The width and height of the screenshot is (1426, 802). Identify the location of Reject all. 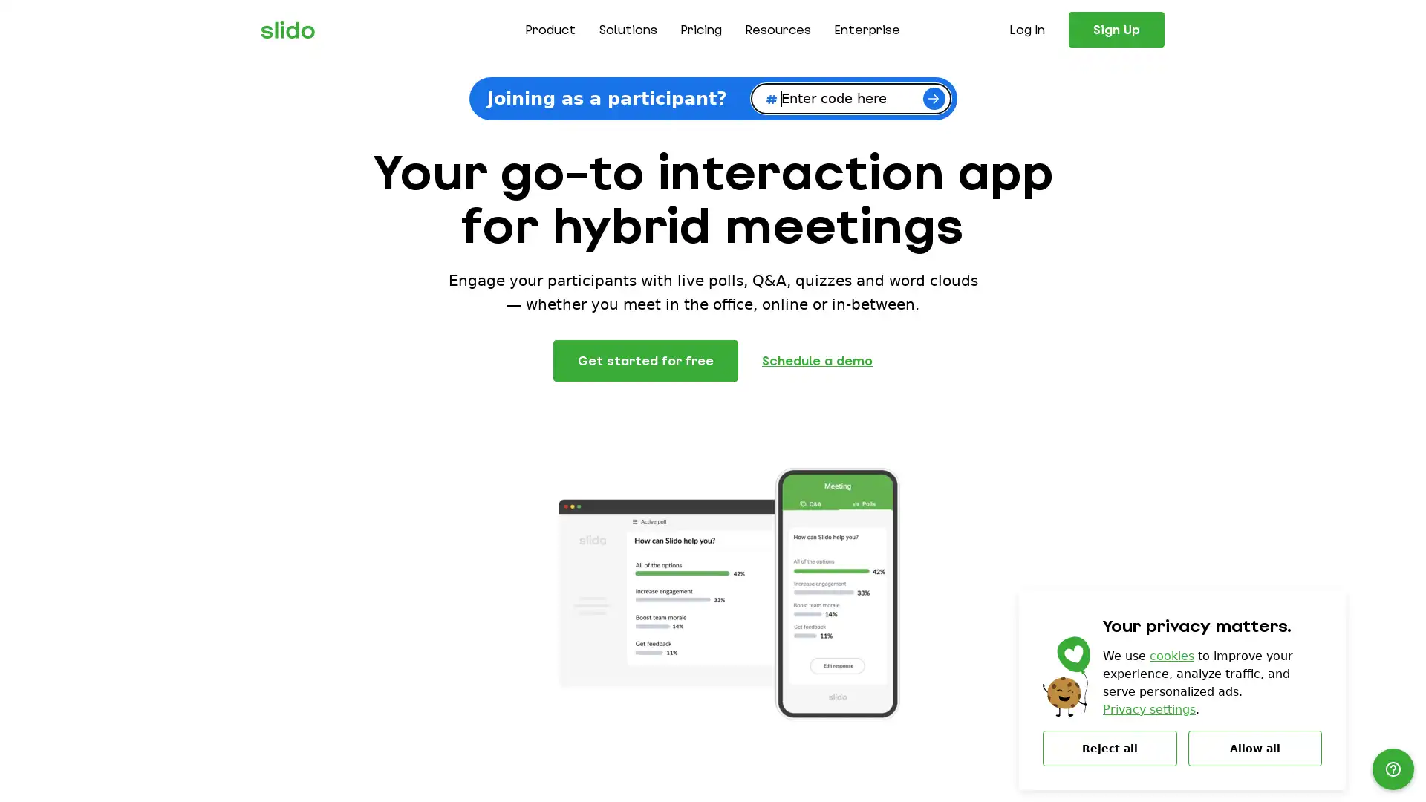
(1109, 748).